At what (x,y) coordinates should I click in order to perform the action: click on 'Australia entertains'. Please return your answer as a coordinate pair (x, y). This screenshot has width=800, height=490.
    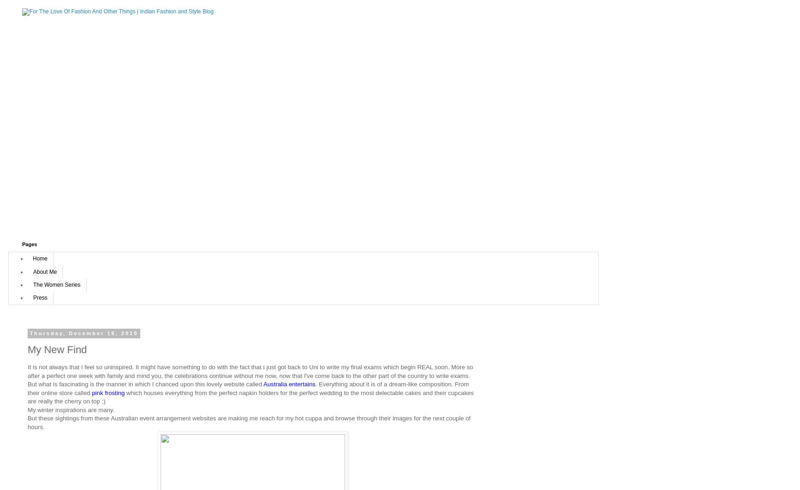
    Looking at the image, I should click on (288, 384).